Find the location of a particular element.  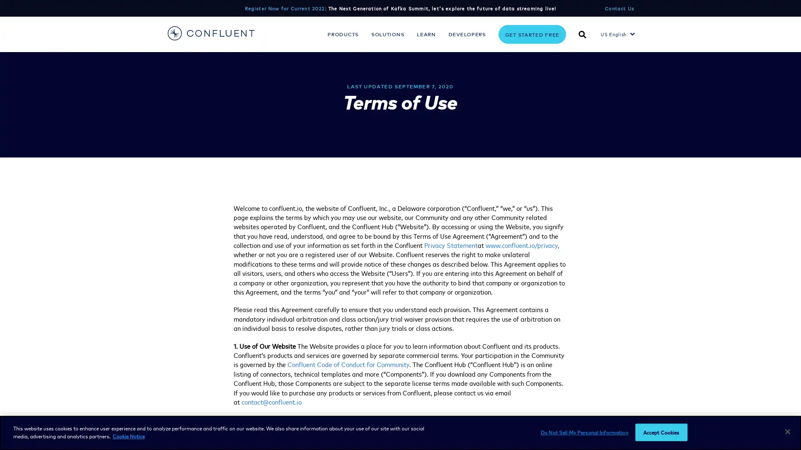

Close is located at coordinates (787, 431).